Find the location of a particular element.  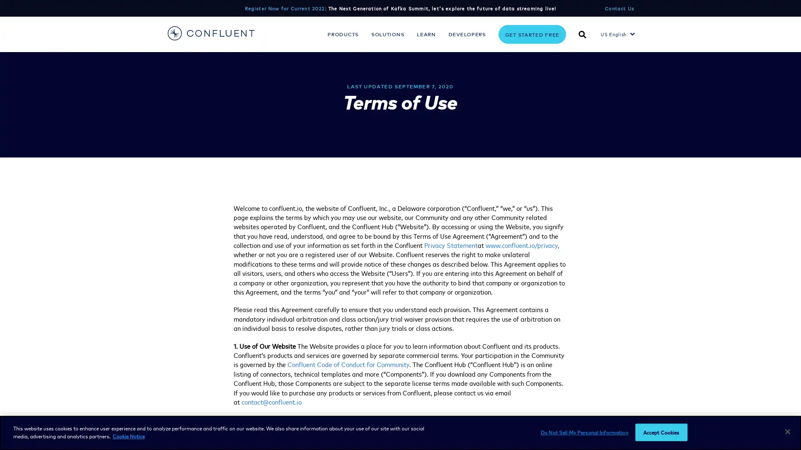

Close is located at coordinates (787, 431).